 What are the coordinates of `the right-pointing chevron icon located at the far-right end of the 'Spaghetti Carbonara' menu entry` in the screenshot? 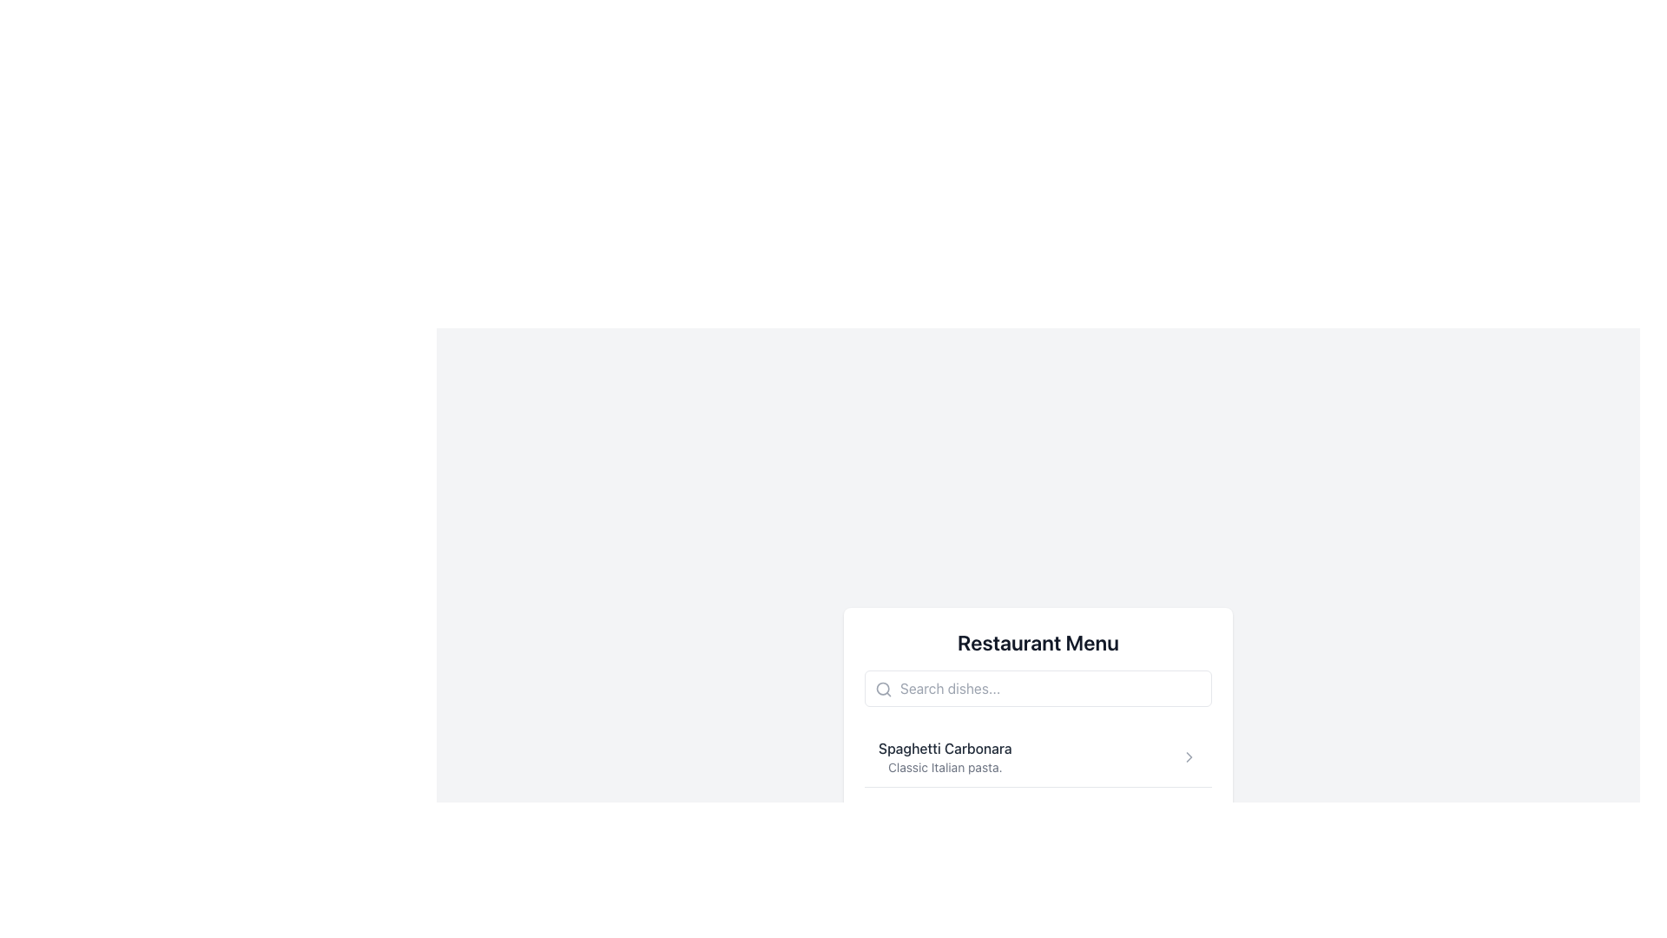 It's located at (1188, 756).